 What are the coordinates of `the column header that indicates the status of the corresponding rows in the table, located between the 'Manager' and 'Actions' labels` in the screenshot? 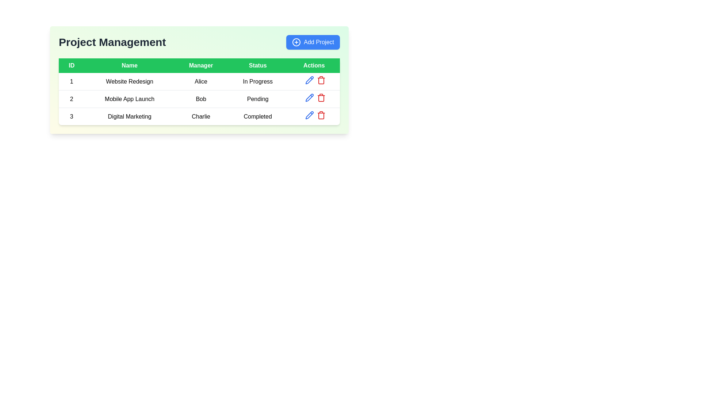 It's located at (258, 66).